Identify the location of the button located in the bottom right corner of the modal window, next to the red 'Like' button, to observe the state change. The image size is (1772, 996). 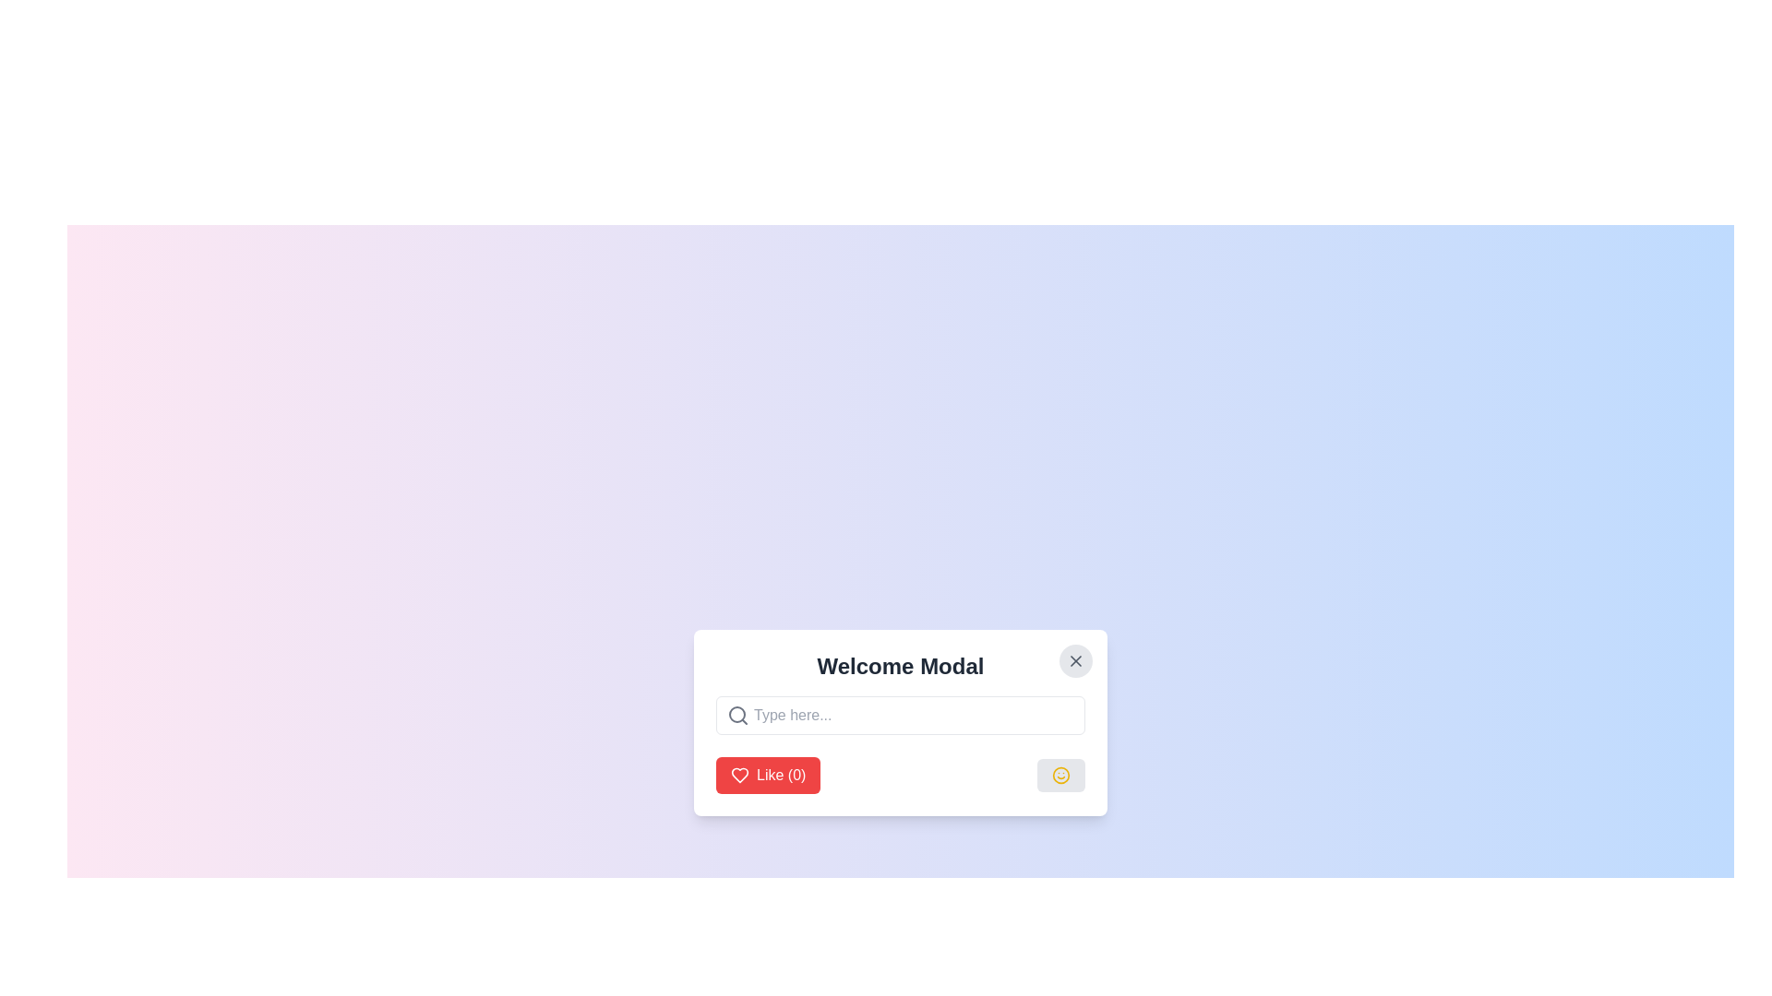
(1061, 775).